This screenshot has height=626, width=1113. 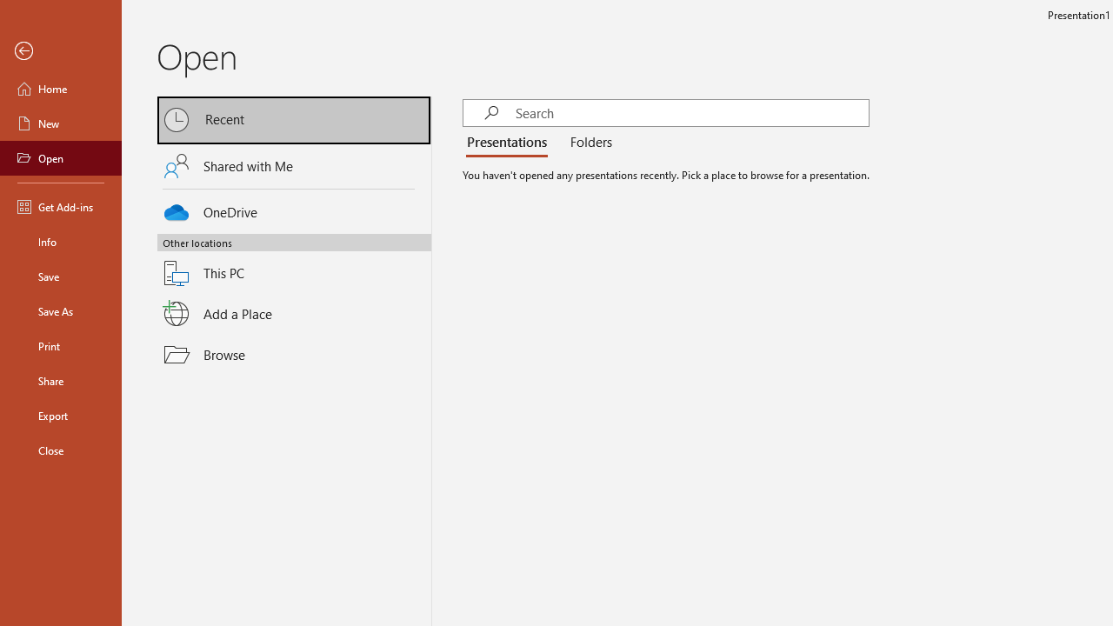 What do you see at coordinates (60, 310) in the screenshot?
I see `'Save As'` at bounding box center [60, 310].